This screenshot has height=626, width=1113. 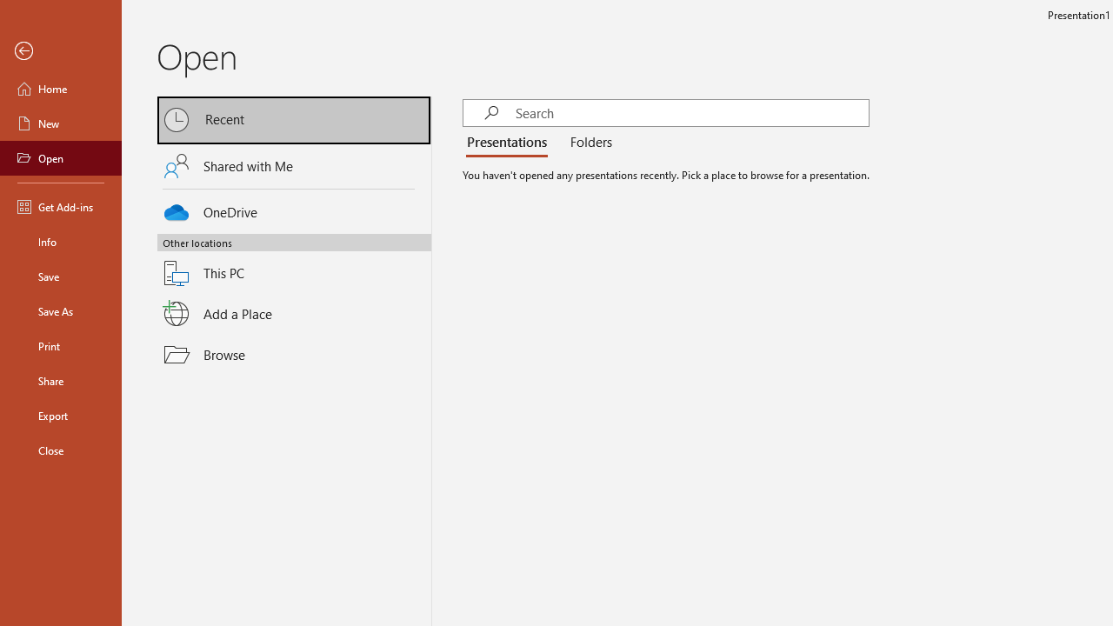 What do you see at coordinates (60, 310) in the screenshot?
I see `'Save As'` at bounding box center [60, 310].